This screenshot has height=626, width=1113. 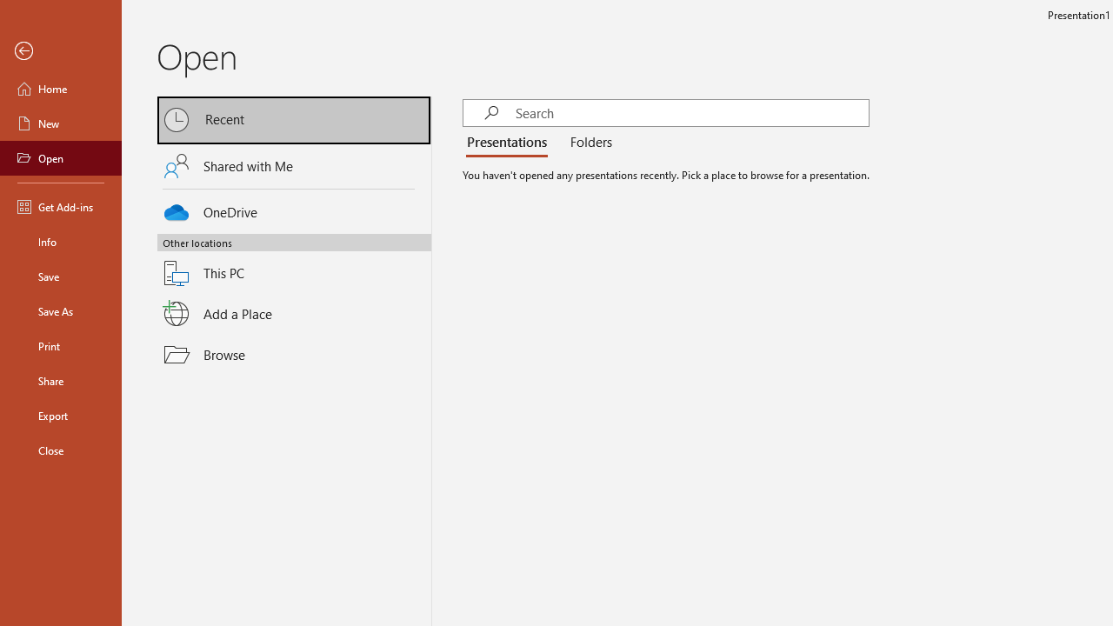 What do you see at coordinates (60, 310) in the screenshot?
I see `'Save As'` at bounding box center [60, 310].